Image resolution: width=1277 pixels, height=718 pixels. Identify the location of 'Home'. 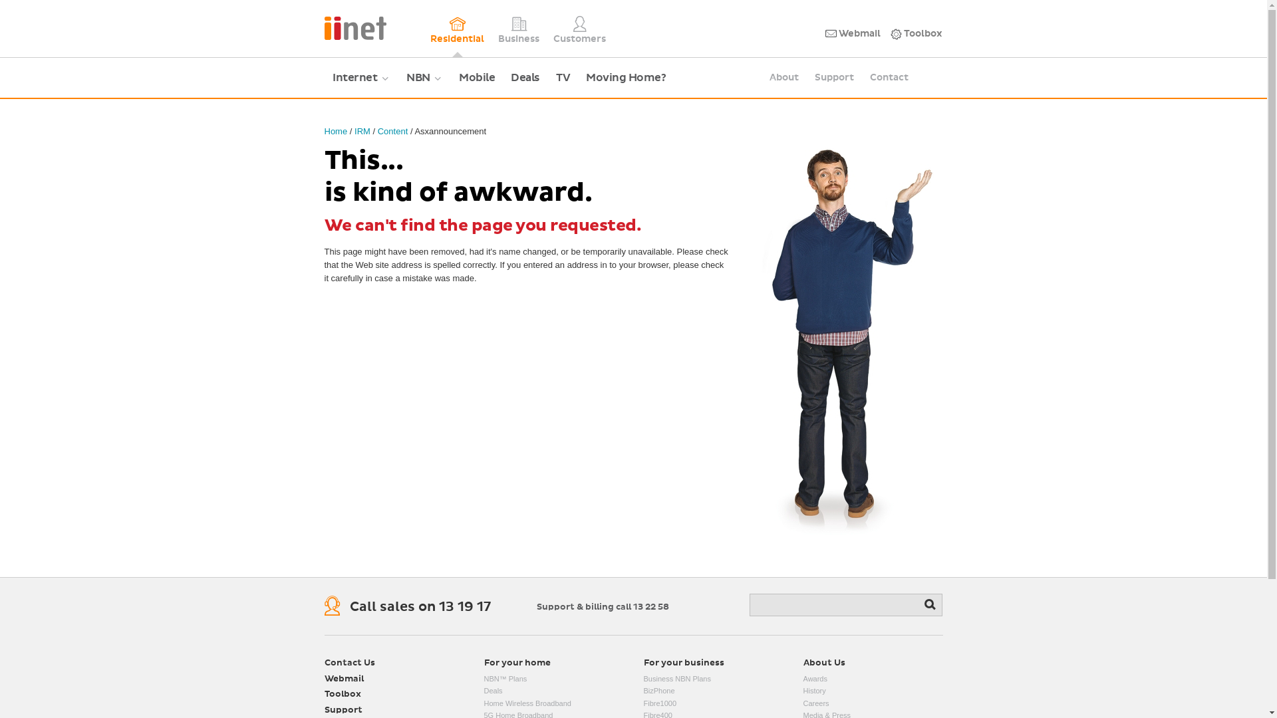
(336, 131).